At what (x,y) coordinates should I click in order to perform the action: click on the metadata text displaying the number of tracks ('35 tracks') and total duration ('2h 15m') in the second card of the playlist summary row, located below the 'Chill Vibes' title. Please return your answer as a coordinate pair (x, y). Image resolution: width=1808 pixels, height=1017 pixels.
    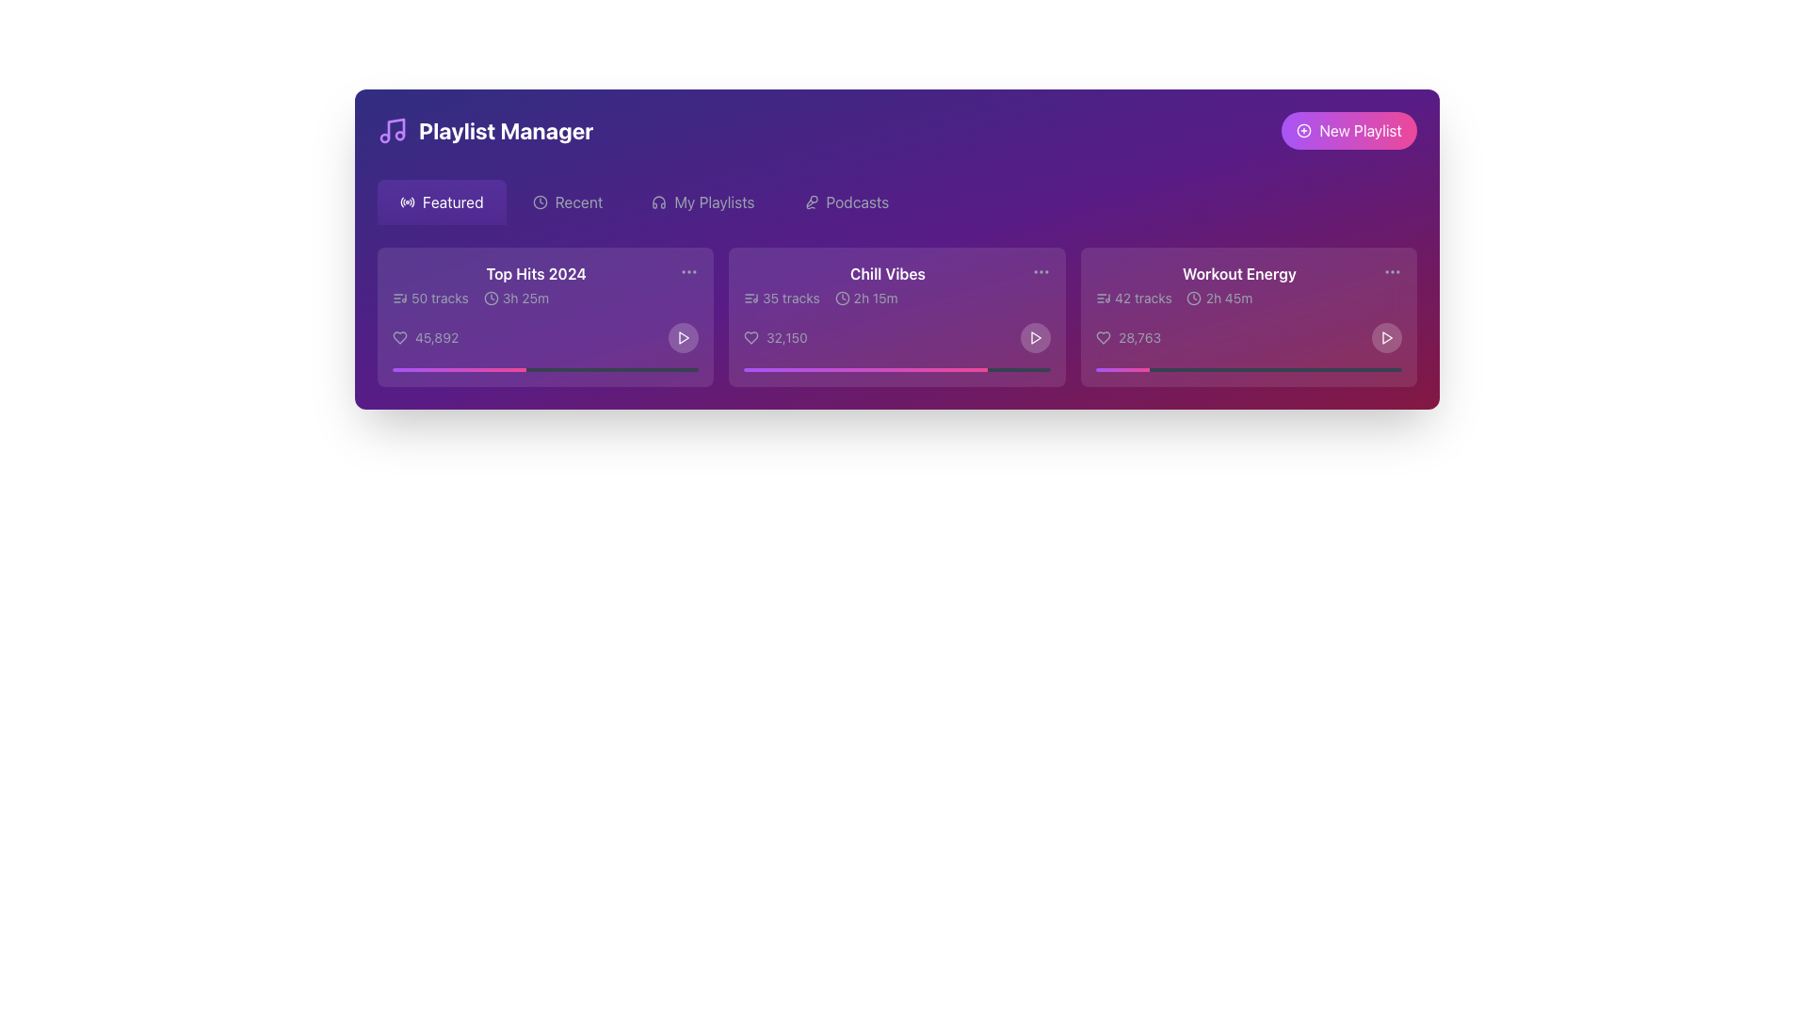
    Looking at the image, I should click on (886, 297).